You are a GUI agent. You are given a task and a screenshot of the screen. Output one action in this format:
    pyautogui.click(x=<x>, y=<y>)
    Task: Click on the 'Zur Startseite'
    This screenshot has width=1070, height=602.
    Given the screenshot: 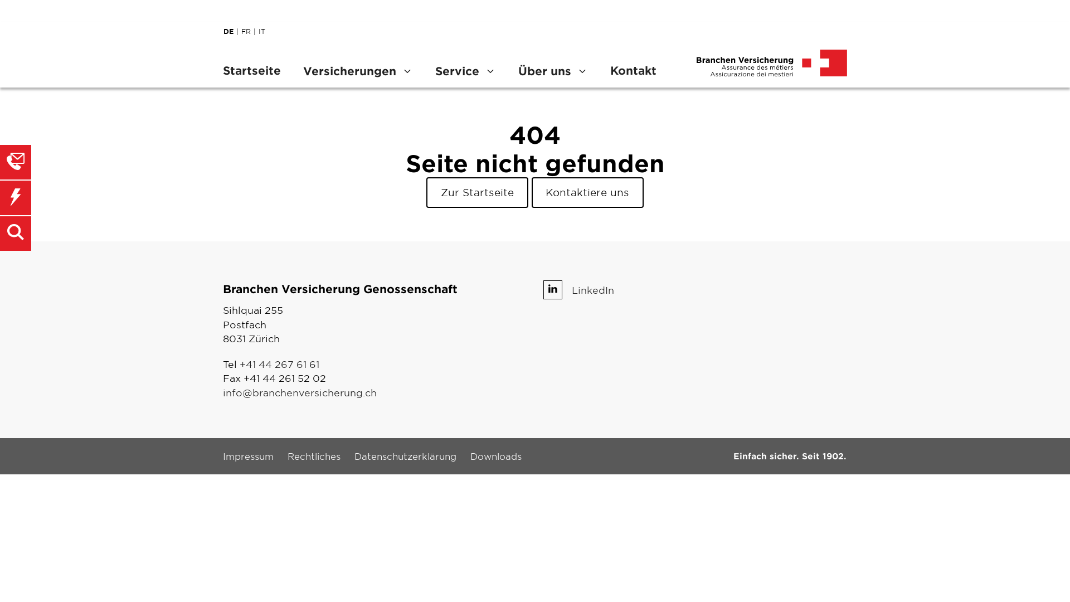 What is the action you would take?
    pyautogui.click(x=477, y=192)
    